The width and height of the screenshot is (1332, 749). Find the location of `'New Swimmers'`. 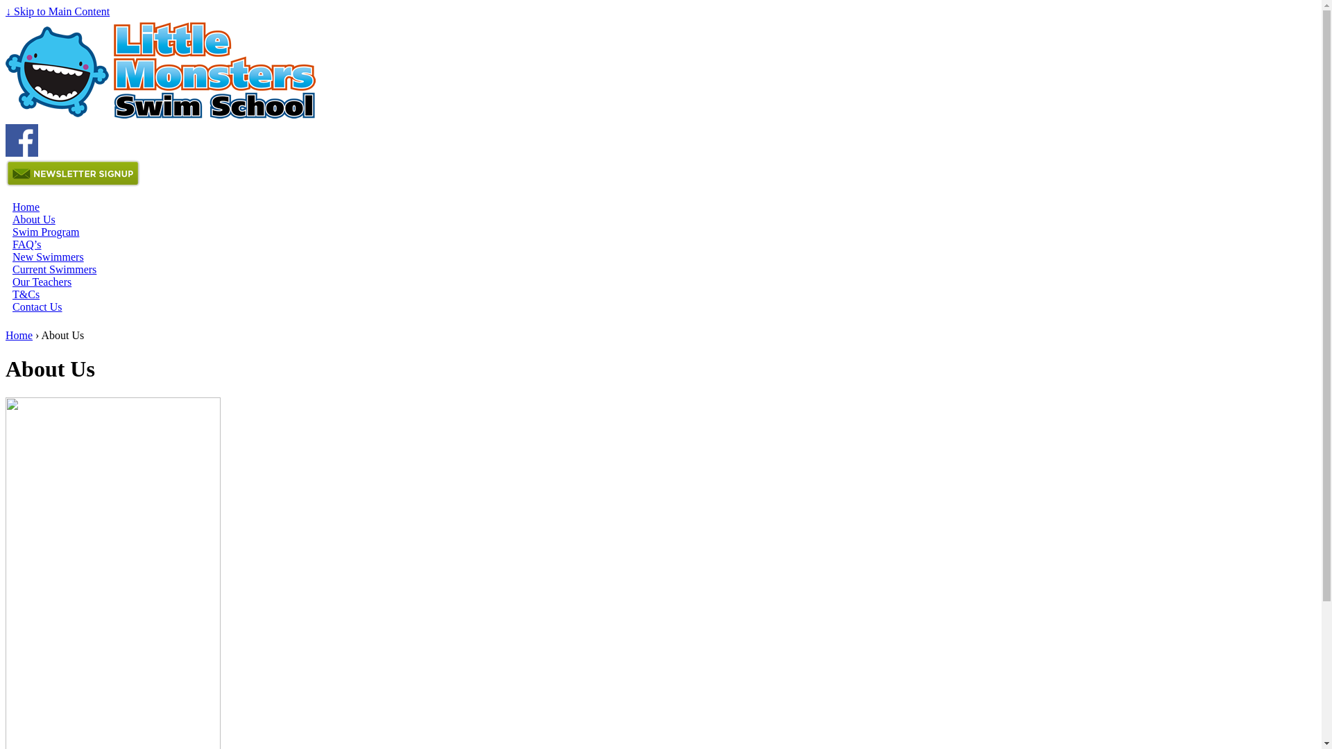

'New Swimmers' is located at coordinates (48, 257).